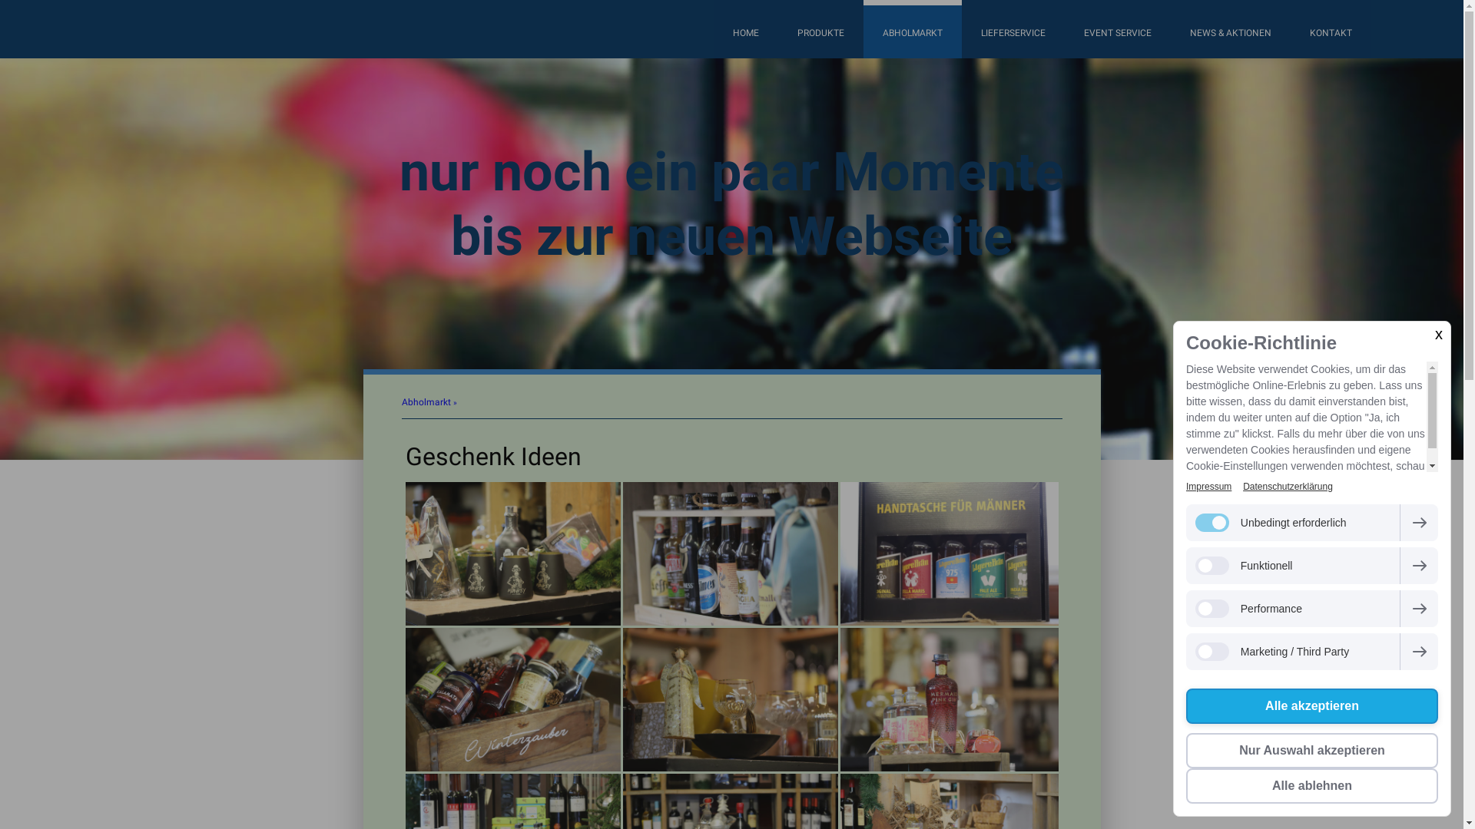 The image size is (1475, 829). Describe the element at coordinates (1311, 706) in the screenshot. I see `'Alle akzeptieren'` at that location.